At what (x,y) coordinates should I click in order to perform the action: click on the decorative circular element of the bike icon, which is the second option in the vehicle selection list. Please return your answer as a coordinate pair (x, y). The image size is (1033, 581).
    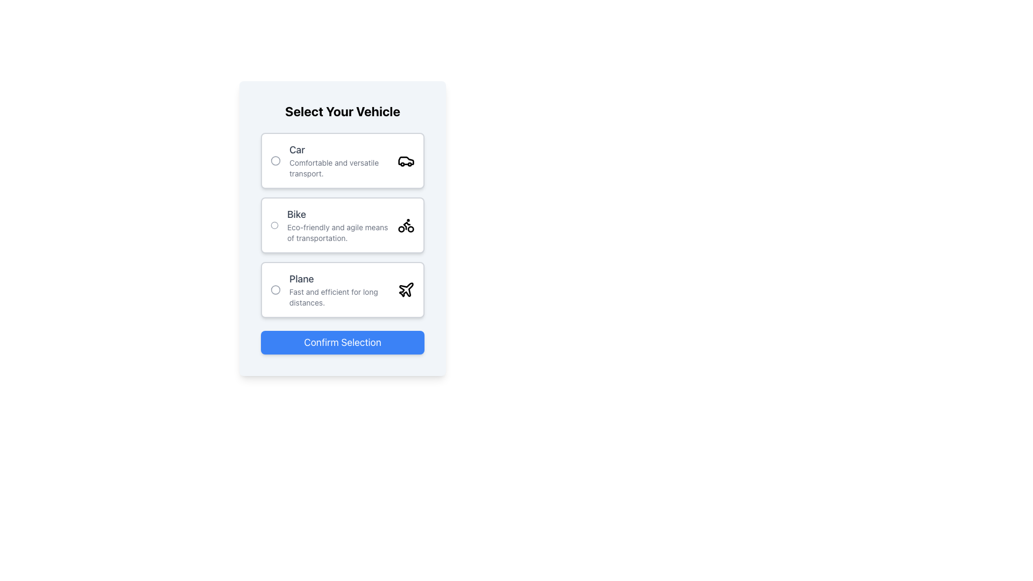
    Looking at the image, I should click on (410, 229).